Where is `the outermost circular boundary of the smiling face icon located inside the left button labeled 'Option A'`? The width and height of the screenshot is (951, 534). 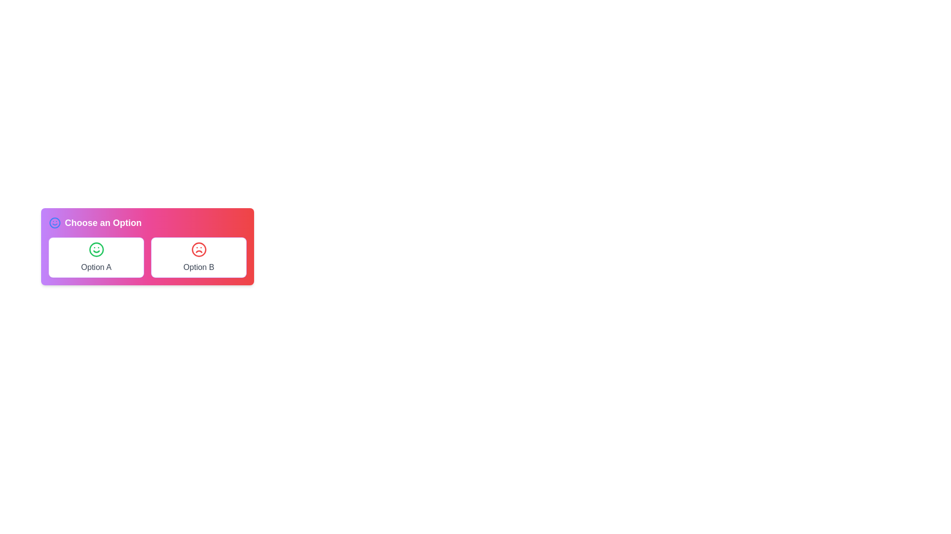
the outermost circular boundary of the smiling face icon located inside the left button labeled 'Option A' is located at coordinates (96, 249).